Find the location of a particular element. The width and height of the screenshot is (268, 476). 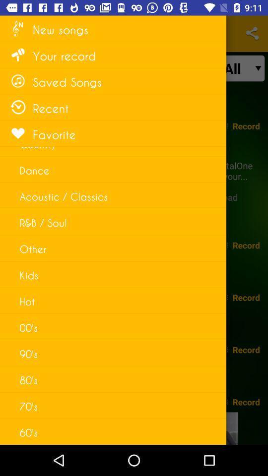

improper bounding box is located at coordinates (35, 282).